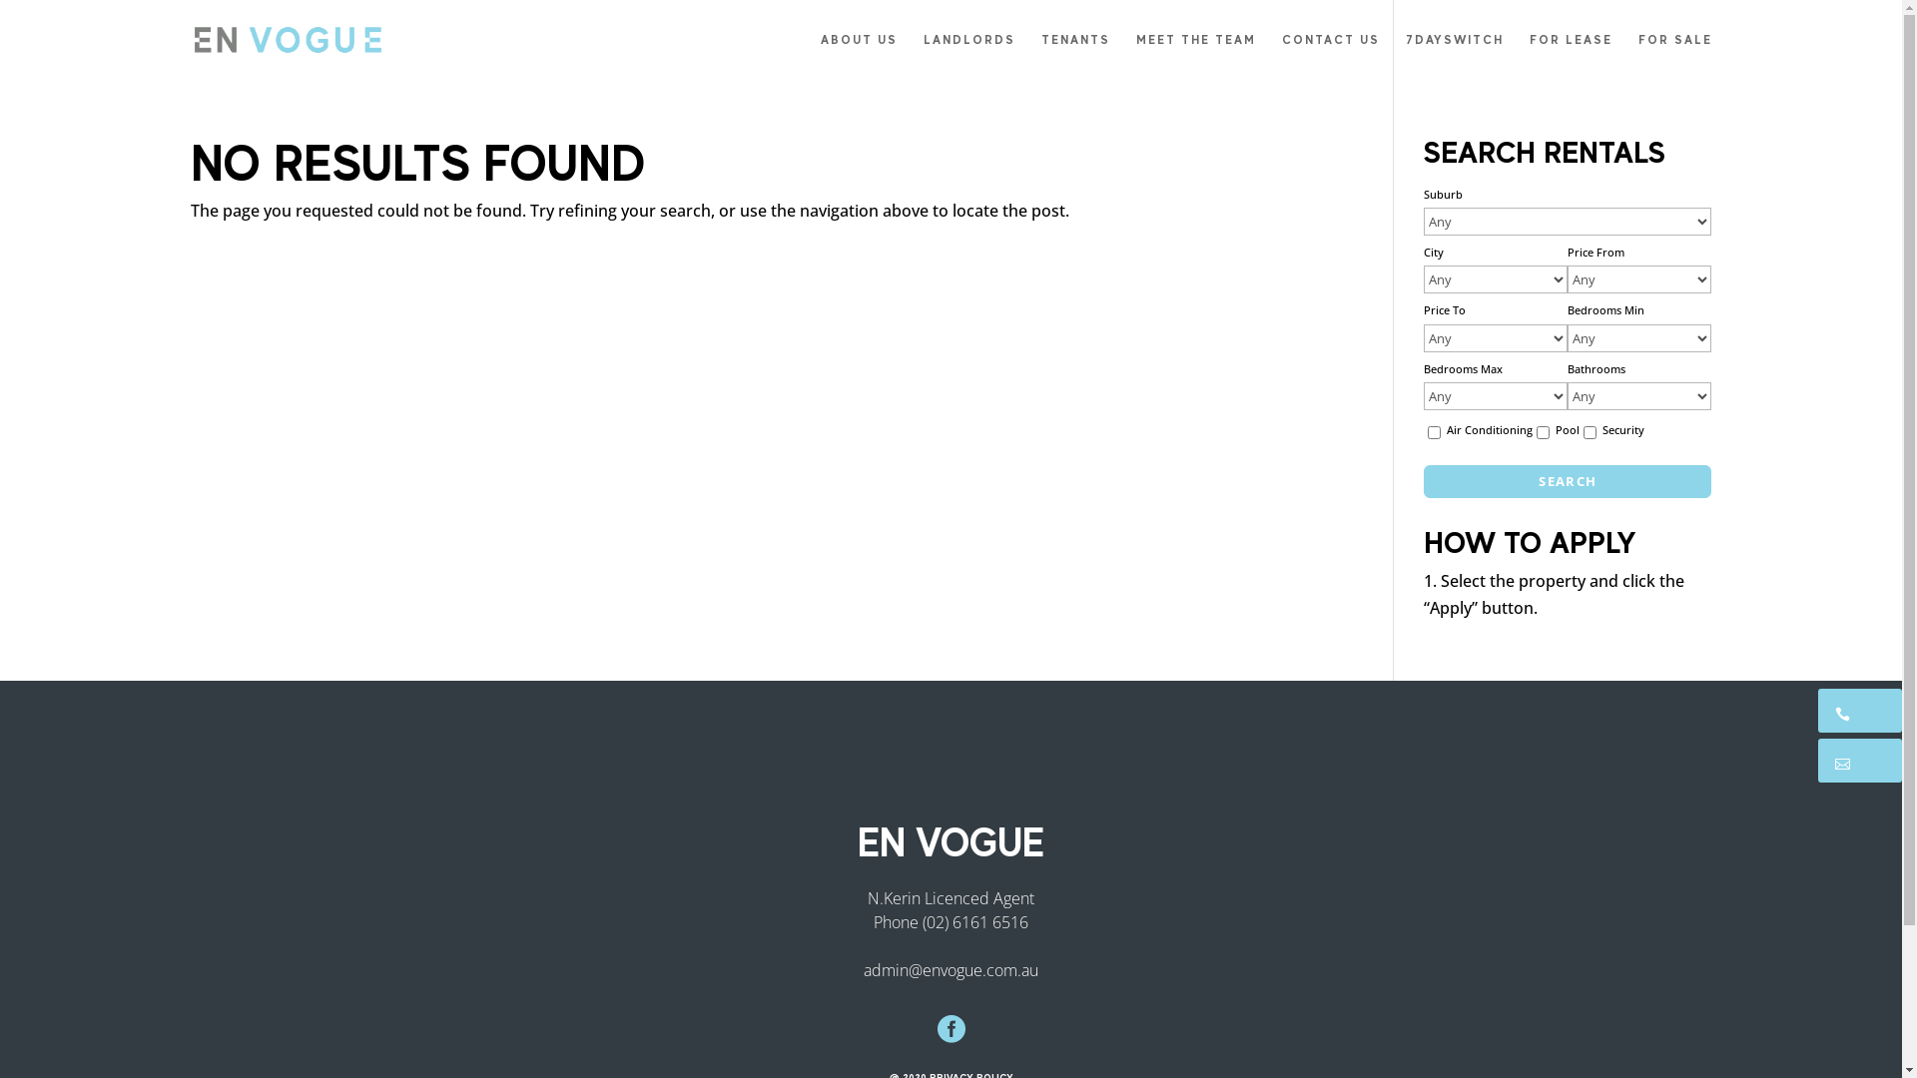 This screenshot has width=1917, height=1078. Describe the element at coordinates (922, 55) in the screenshot. I see `'LANDLORDS'` at that location.